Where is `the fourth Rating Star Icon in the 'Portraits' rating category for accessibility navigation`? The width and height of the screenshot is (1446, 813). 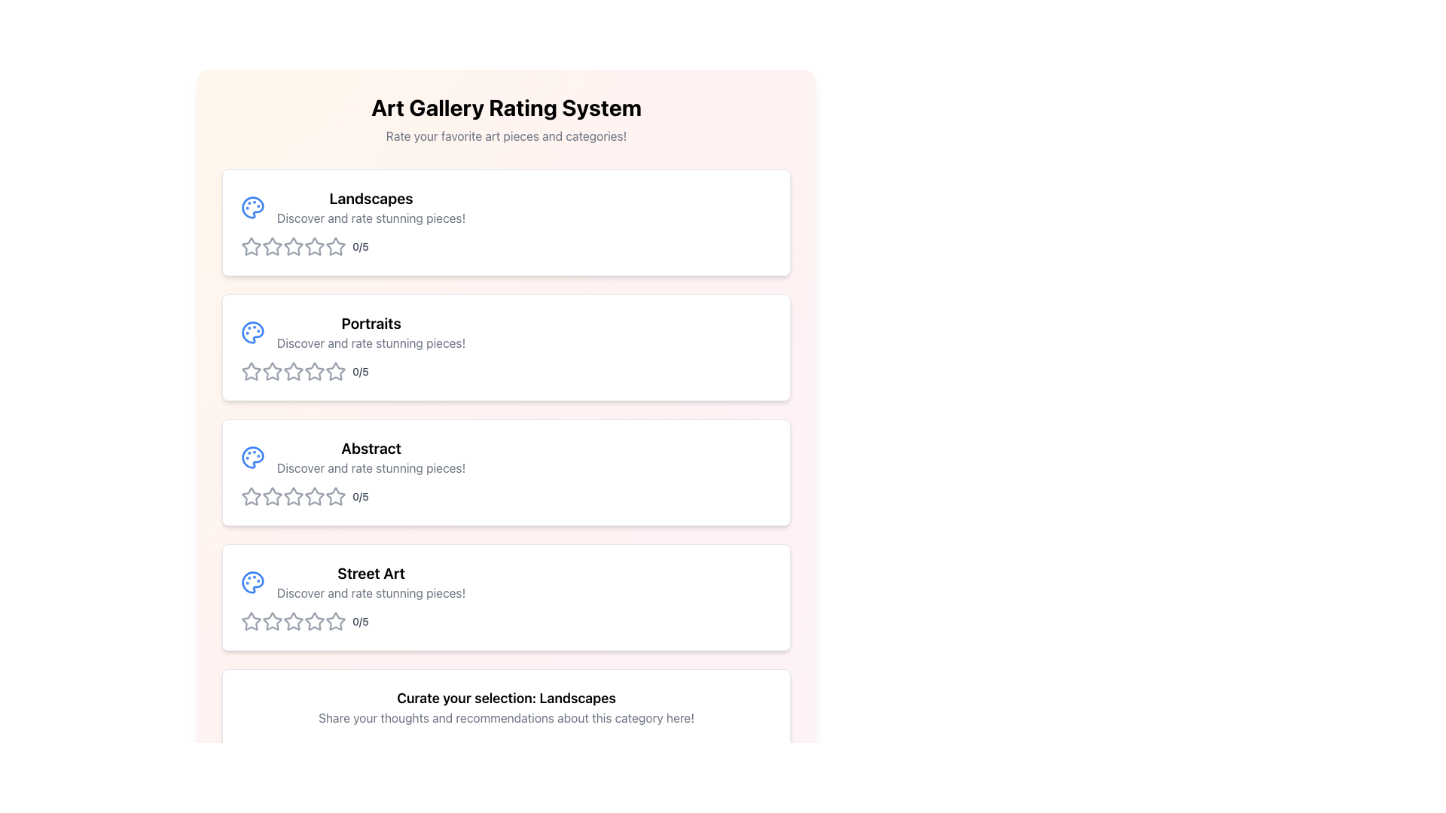
the fourth Rating Star Icon in the 'Portraits' rating category for accessibility navigation is located at coordinates (293, 371).